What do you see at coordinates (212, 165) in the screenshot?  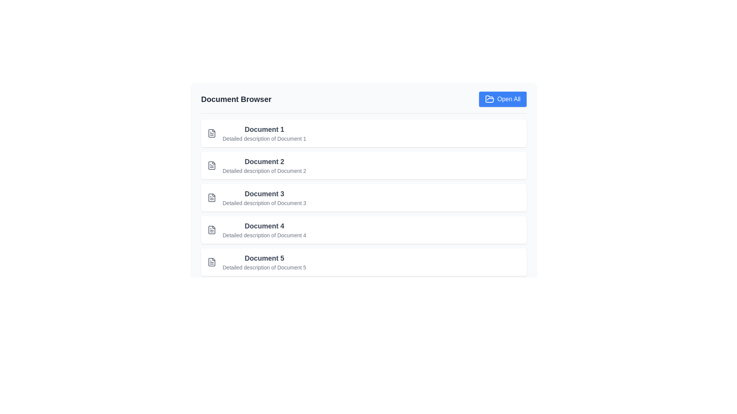 I see `the document icon representing 'Document 2' located in the second row of the document list` at bounding box center [212, 165].